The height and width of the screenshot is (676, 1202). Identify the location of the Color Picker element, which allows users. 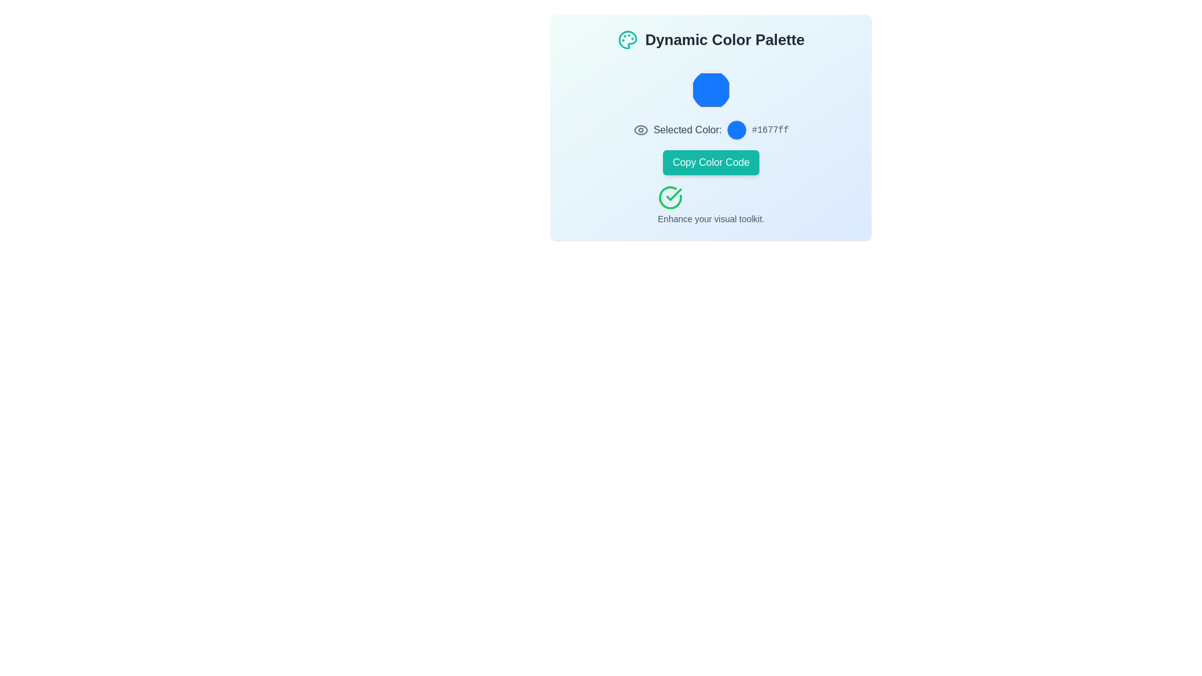
(711, 89).